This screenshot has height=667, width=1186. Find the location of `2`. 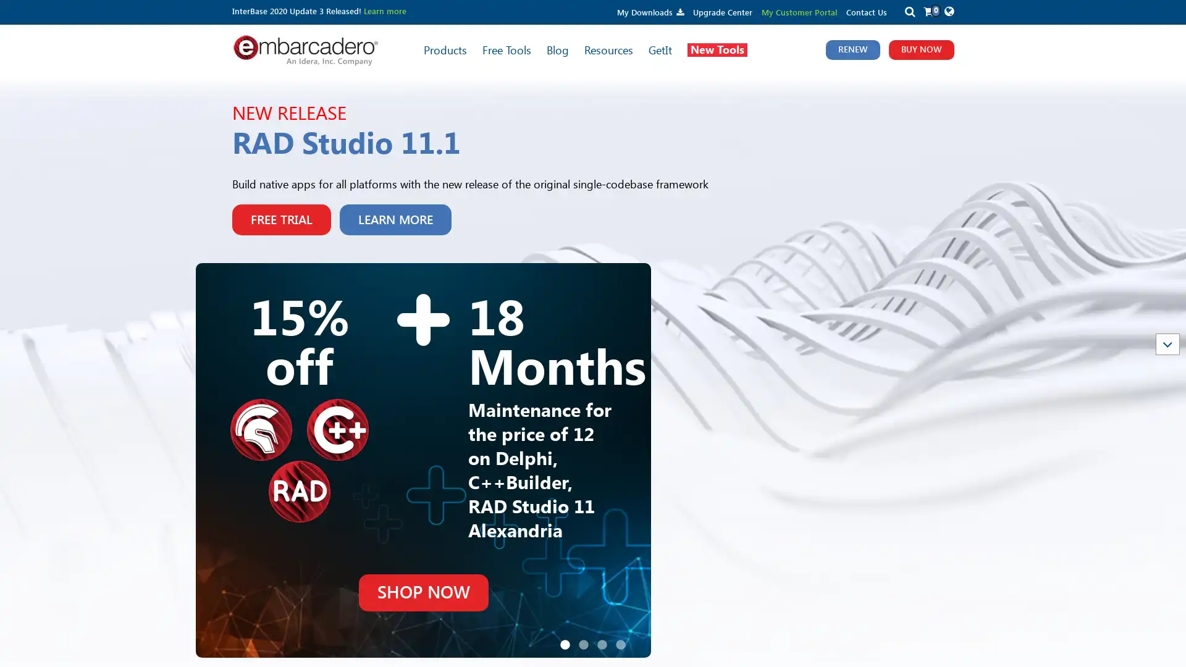

2 is located at coordinates (583, 524).